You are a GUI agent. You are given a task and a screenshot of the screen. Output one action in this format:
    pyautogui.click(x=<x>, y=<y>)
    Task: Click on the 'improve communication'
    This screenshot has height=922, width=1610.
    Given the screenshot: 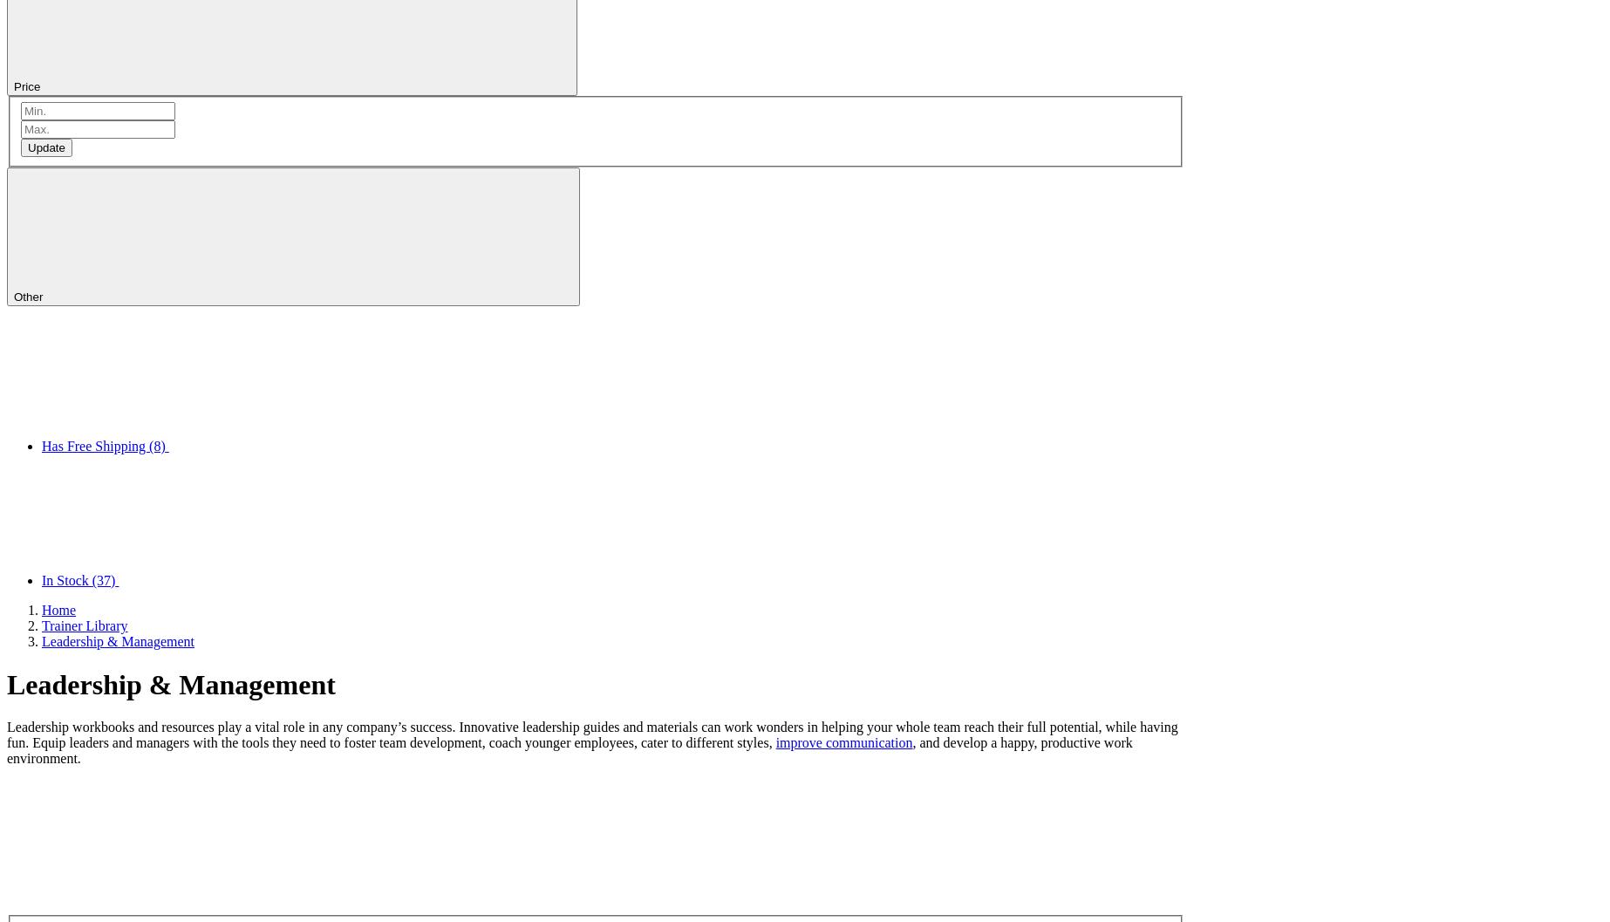 What is the action you would take?
    pyautogui.click(x=843, y=741)
    